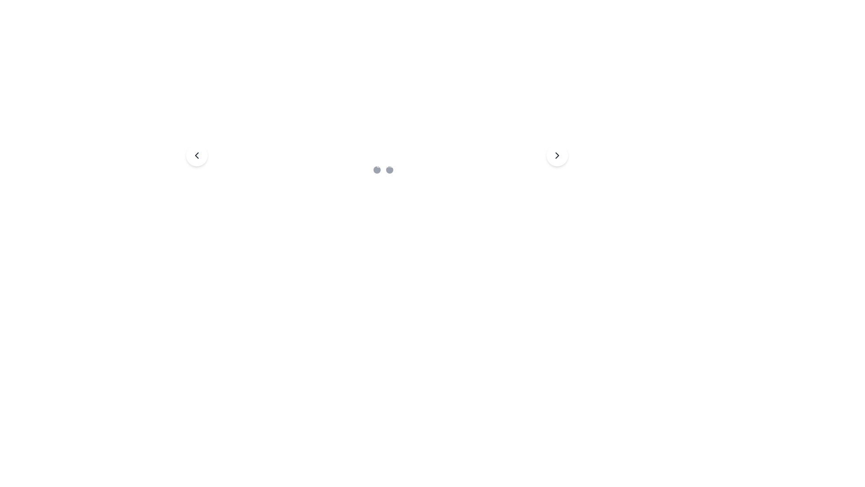 Image resolution: width=865 pixels, height=487 pixels. Describe the element at coordinates (556, 155) in the screenshot. I see `the chevron icon, which is a right-arrow graphical vector used for navigation` at that location.